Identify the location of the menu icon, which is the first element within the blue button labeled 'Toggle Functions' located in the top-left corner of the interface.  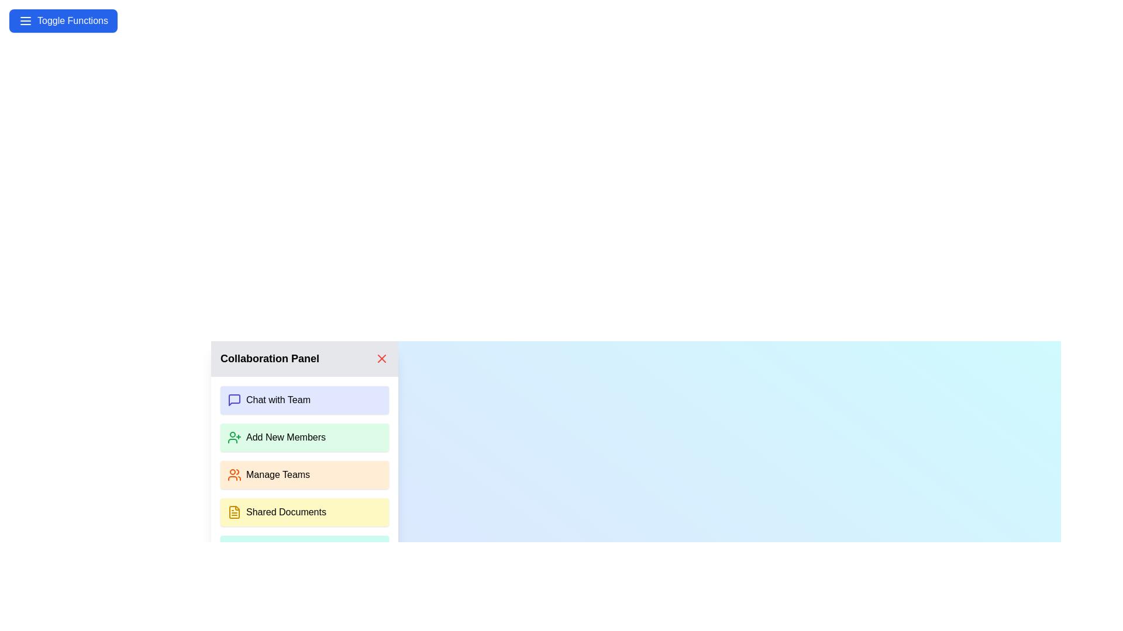
(25, 20).